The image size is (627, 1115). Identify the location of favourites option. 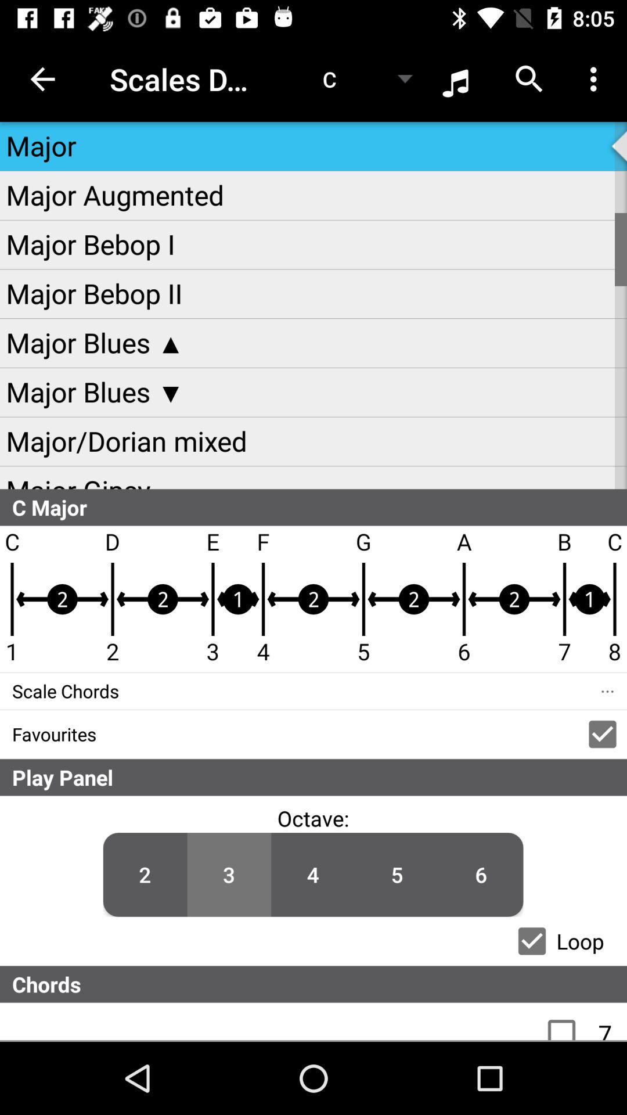
(601, 733).